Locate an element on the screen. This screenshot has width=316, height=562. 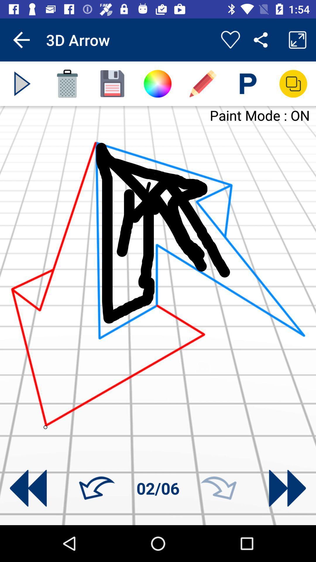
repeat last input is located at coordinates (219, 488).